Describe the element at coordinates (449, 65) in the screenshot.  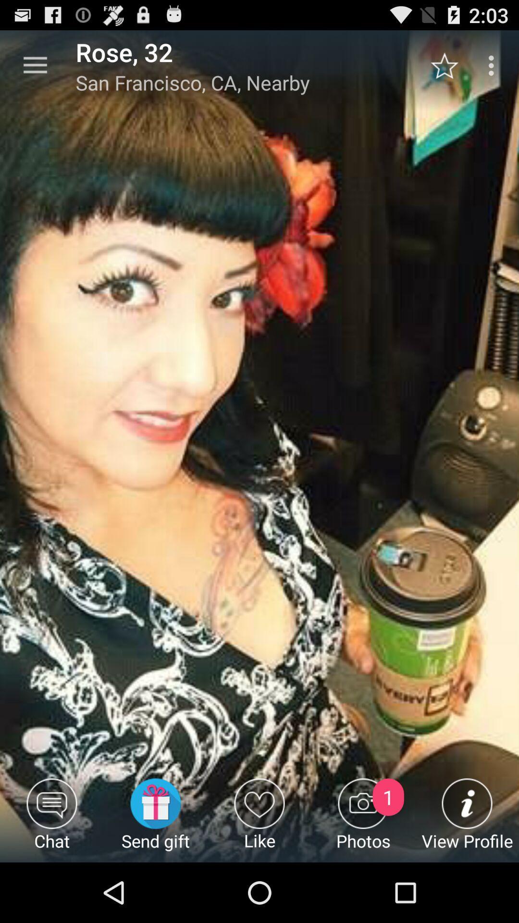
I see `the item above the view profile item` at that location.